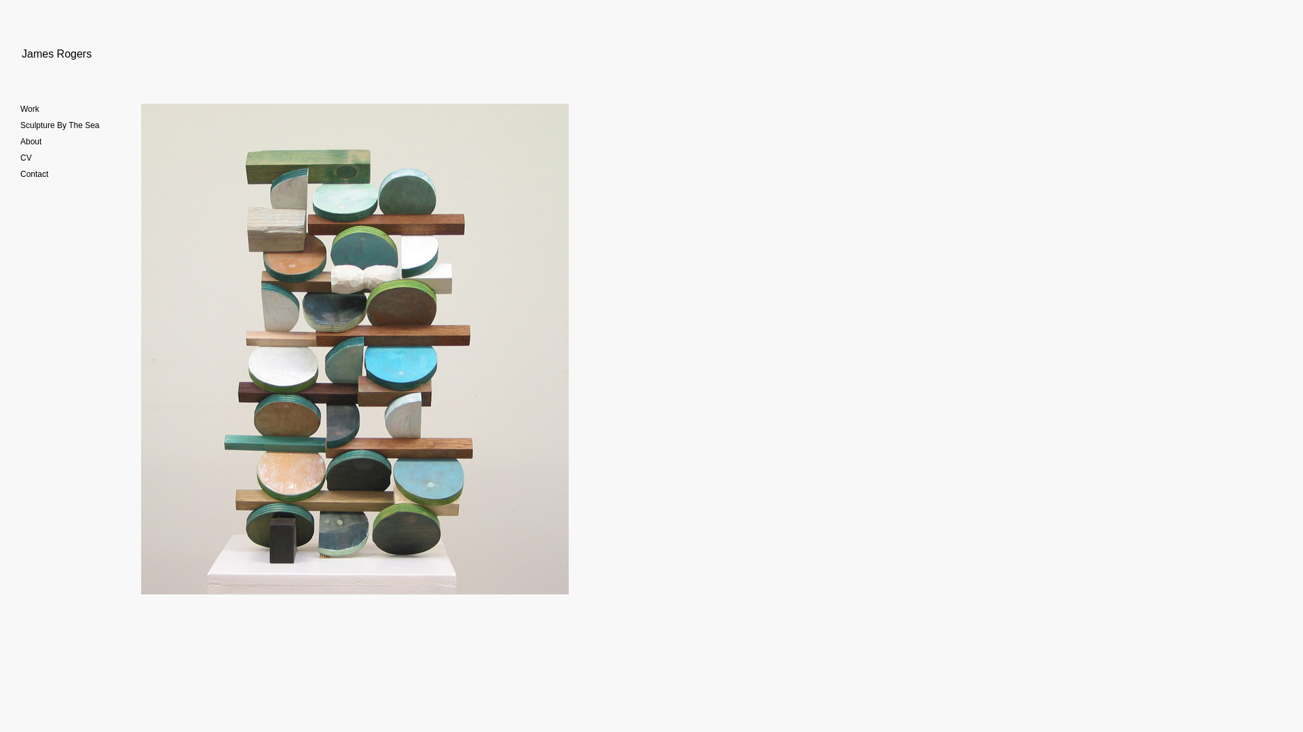 The width and height of the screenshot is (1303, 732). Describe the element at coordinates (56, 53) in the screenshot. I see `'James Rogers'` at that location.